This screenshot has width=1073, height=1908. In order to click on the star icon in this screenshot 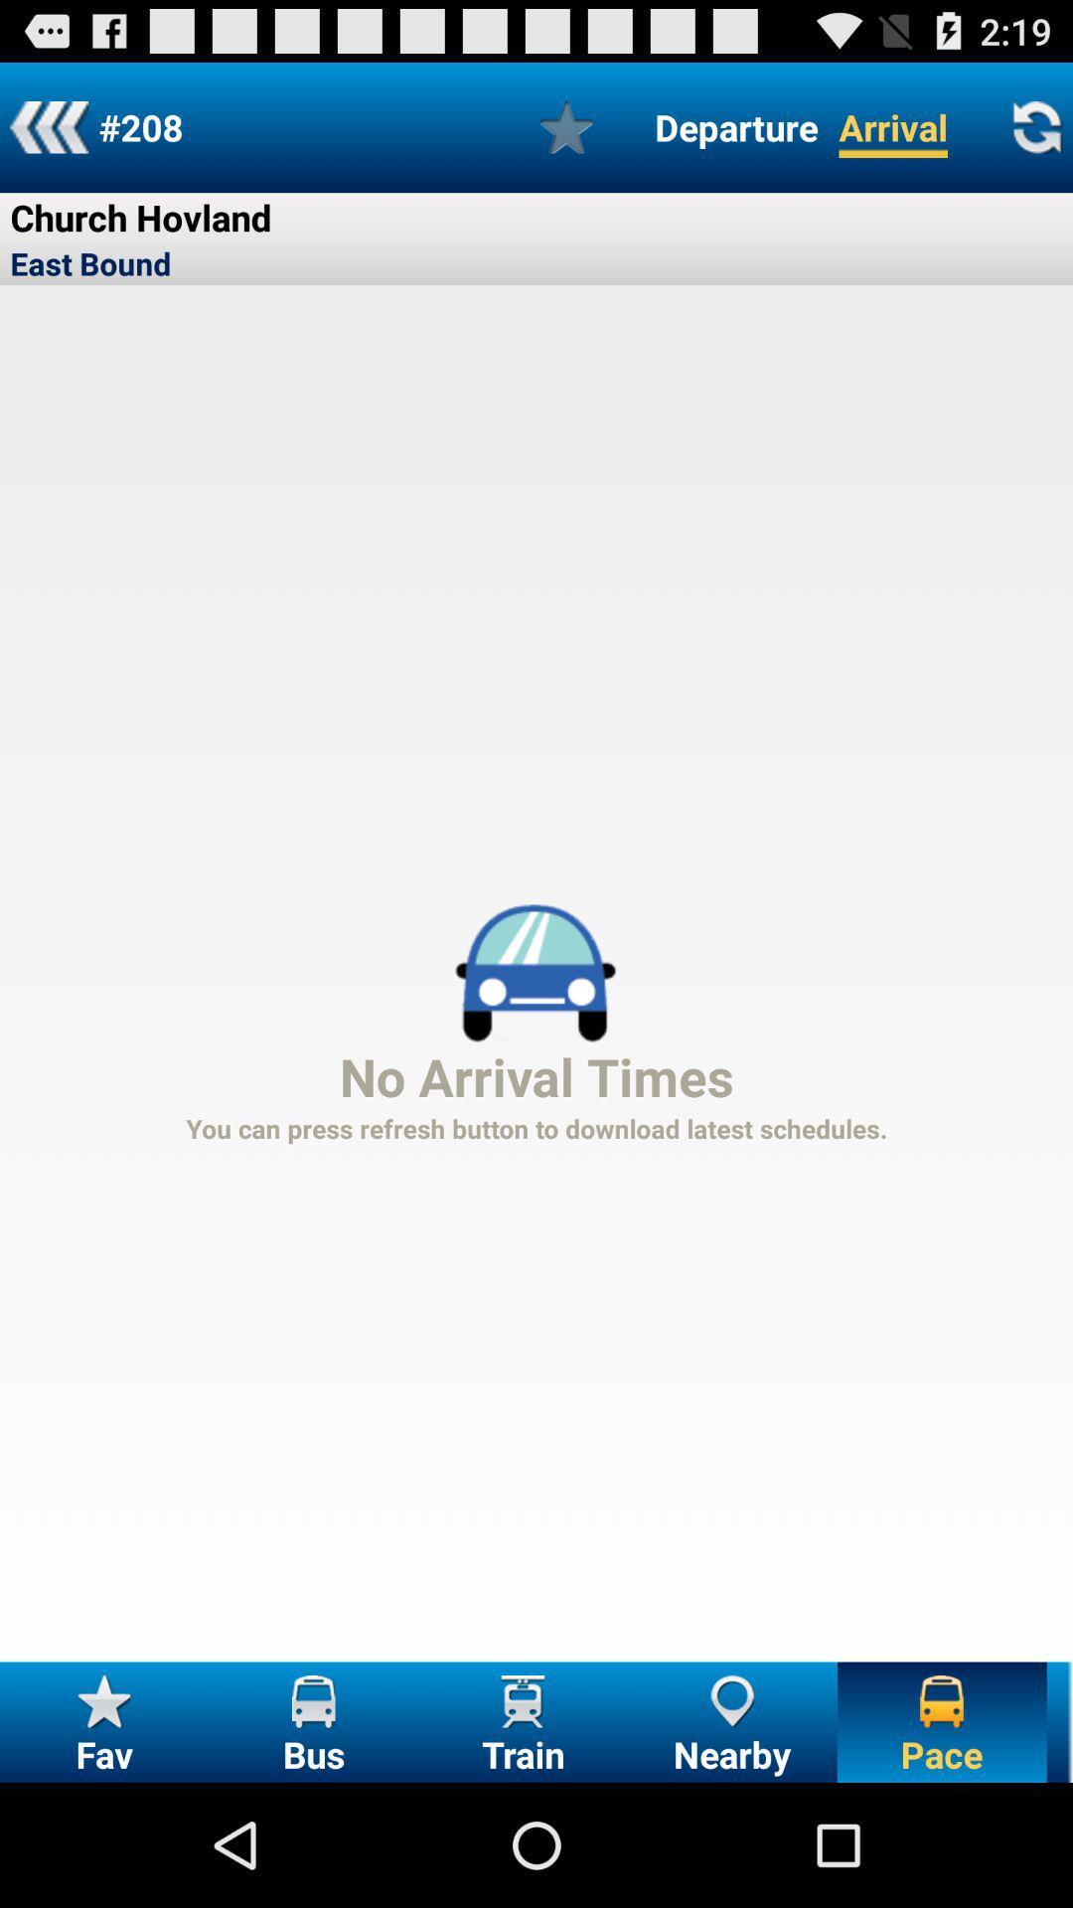, I will do `click(566, 135)`.